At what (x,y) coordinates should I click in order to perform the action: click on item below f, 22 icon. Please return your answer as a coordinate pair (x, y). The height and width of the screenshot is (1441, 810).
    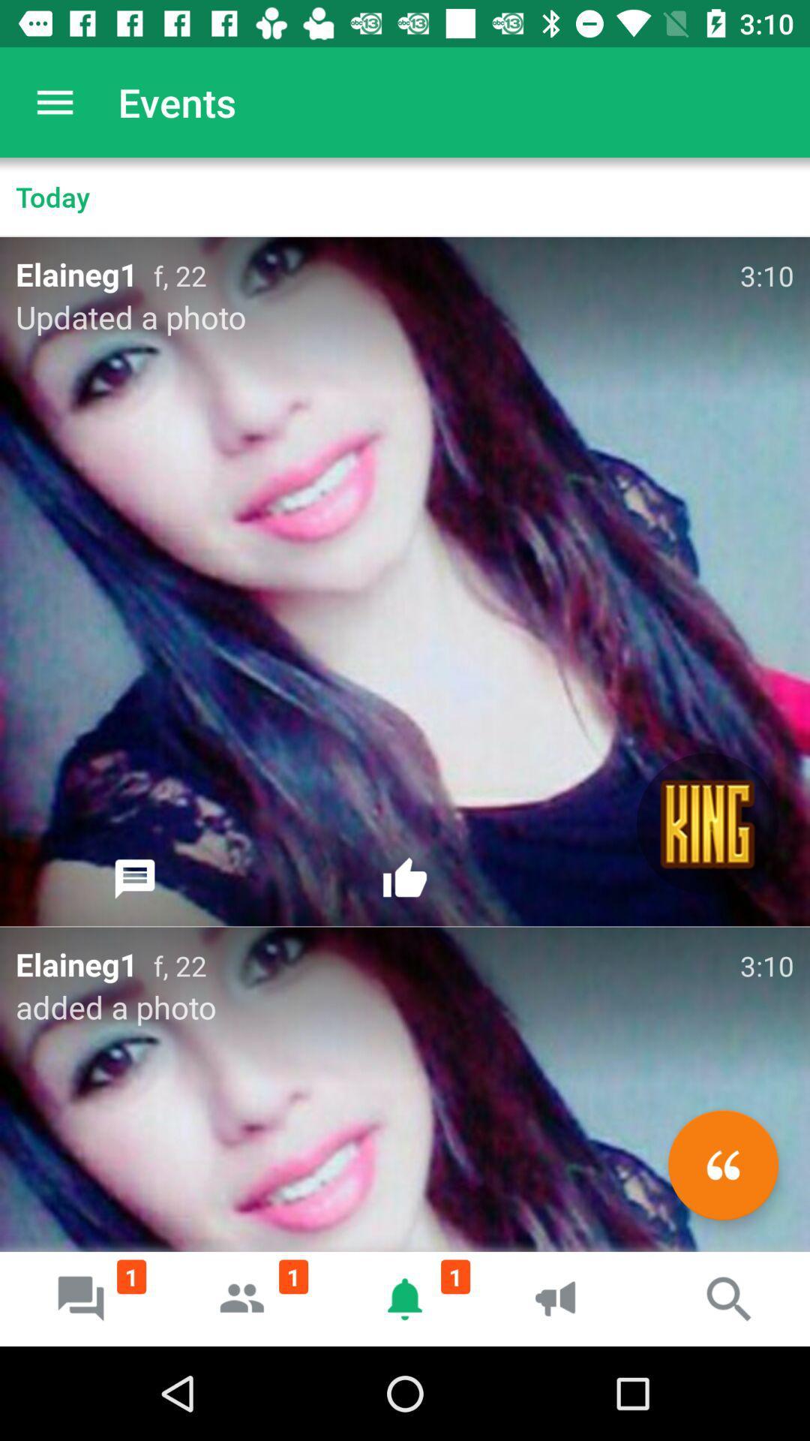
    Looking at the image, I should click on (722, 1164).